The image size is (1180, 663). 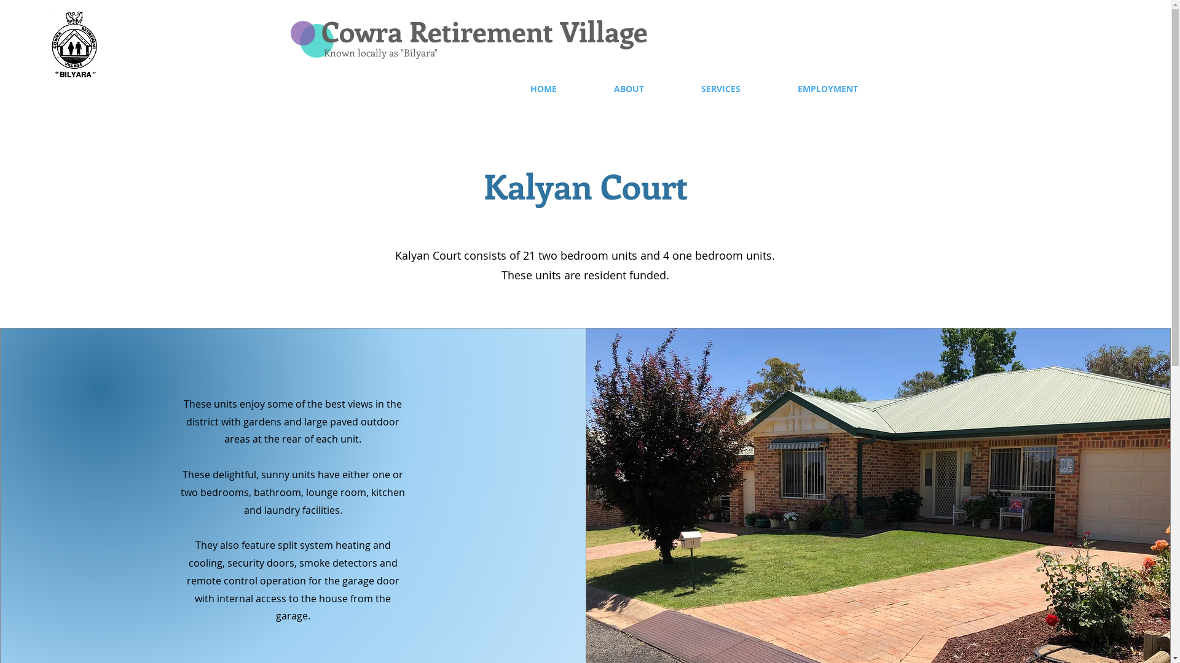 I want to click on 'HOME', so click(x=542, y=88).